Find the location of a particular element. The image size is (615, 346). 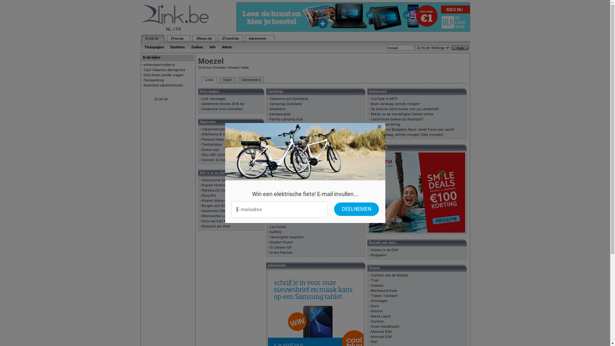

'Top3 Vlaamse datingsites' is located at coordinates (164, 70).